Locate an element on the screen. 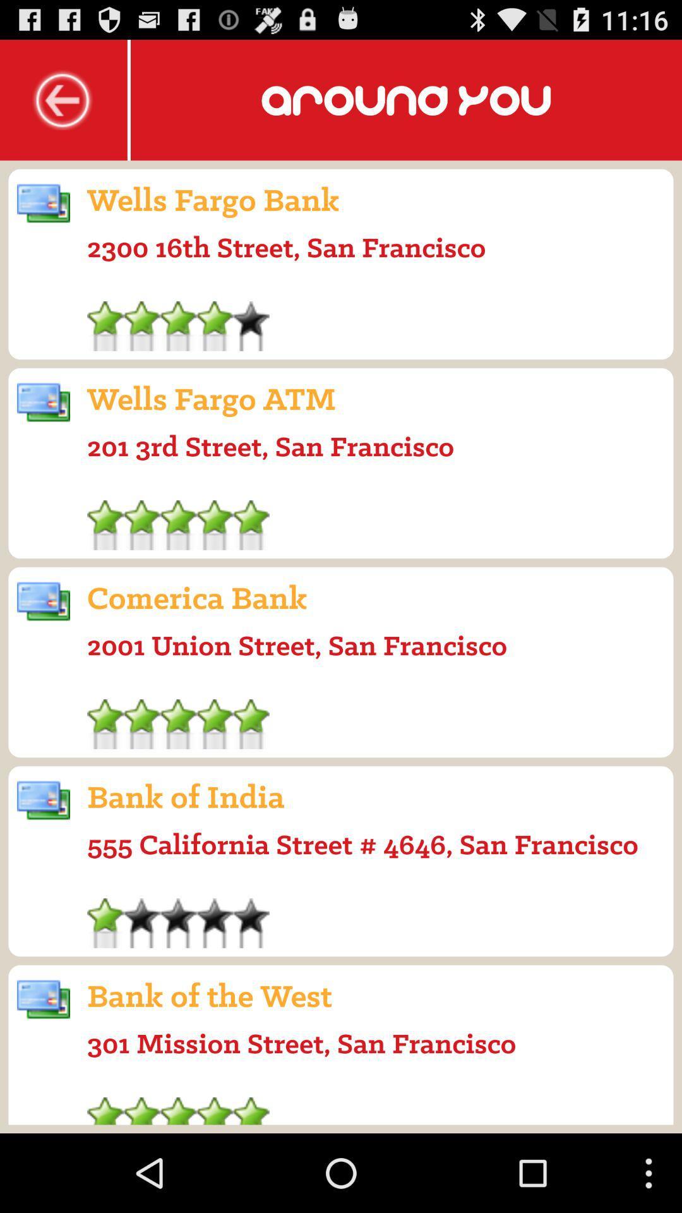 The width and height of the screenshot is (682, 1213). the last image on the bottom left corner of the web page is located at coordinates (43, 999).